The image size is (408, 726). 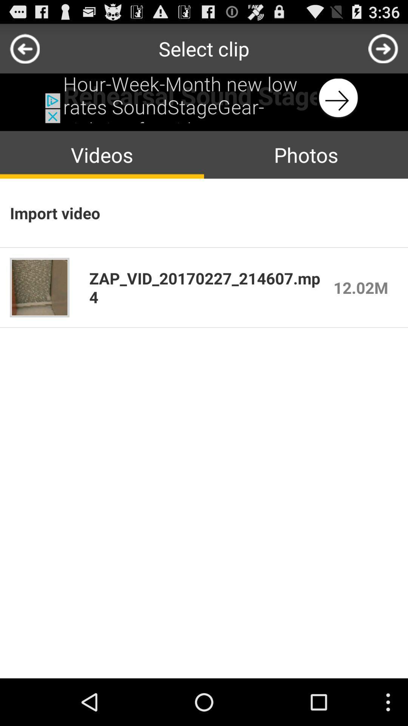 I want to click on advertisement box, so click(x=204, y=98).